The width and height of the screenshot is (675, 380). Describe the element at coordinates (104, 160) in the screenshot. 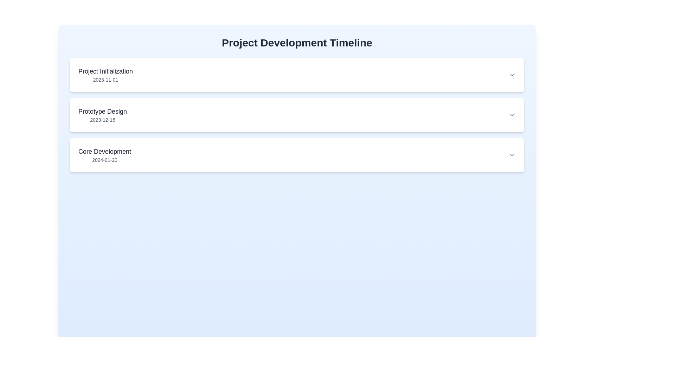

I see `the static text displaying the date '2024-01-20' in dark gray color, located below the title 'Core Development' on the 'Core Development' card` at that location.